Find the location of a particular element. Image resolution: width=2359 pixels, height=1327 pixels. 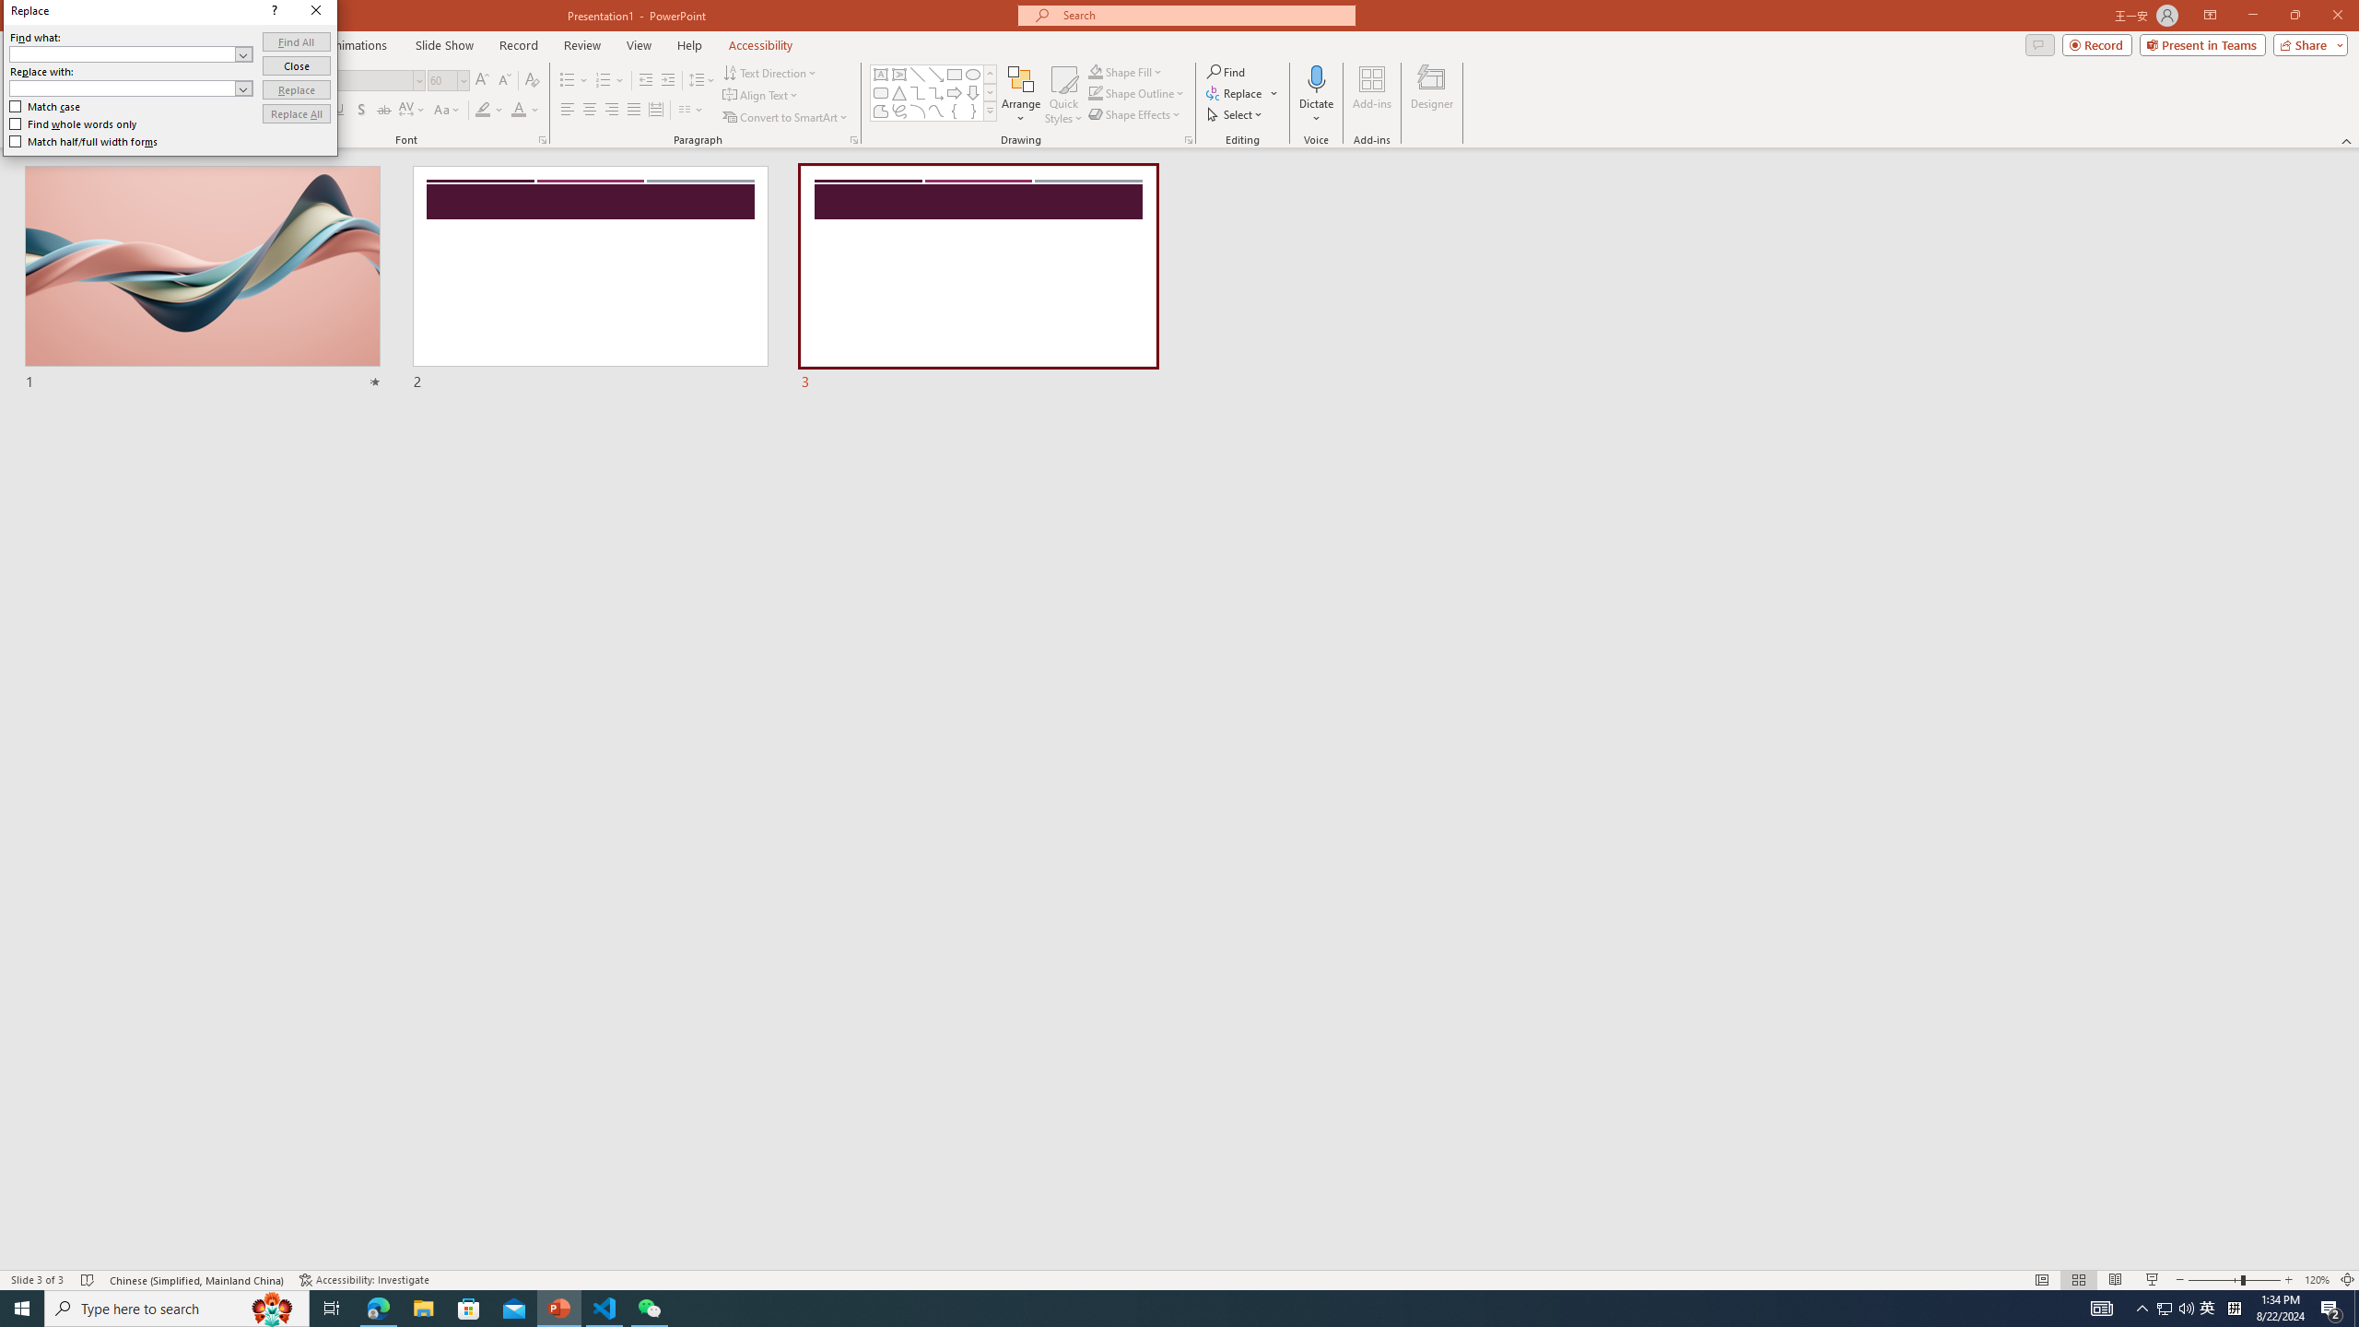

'Replace with' is located at coordinates (131, 88).